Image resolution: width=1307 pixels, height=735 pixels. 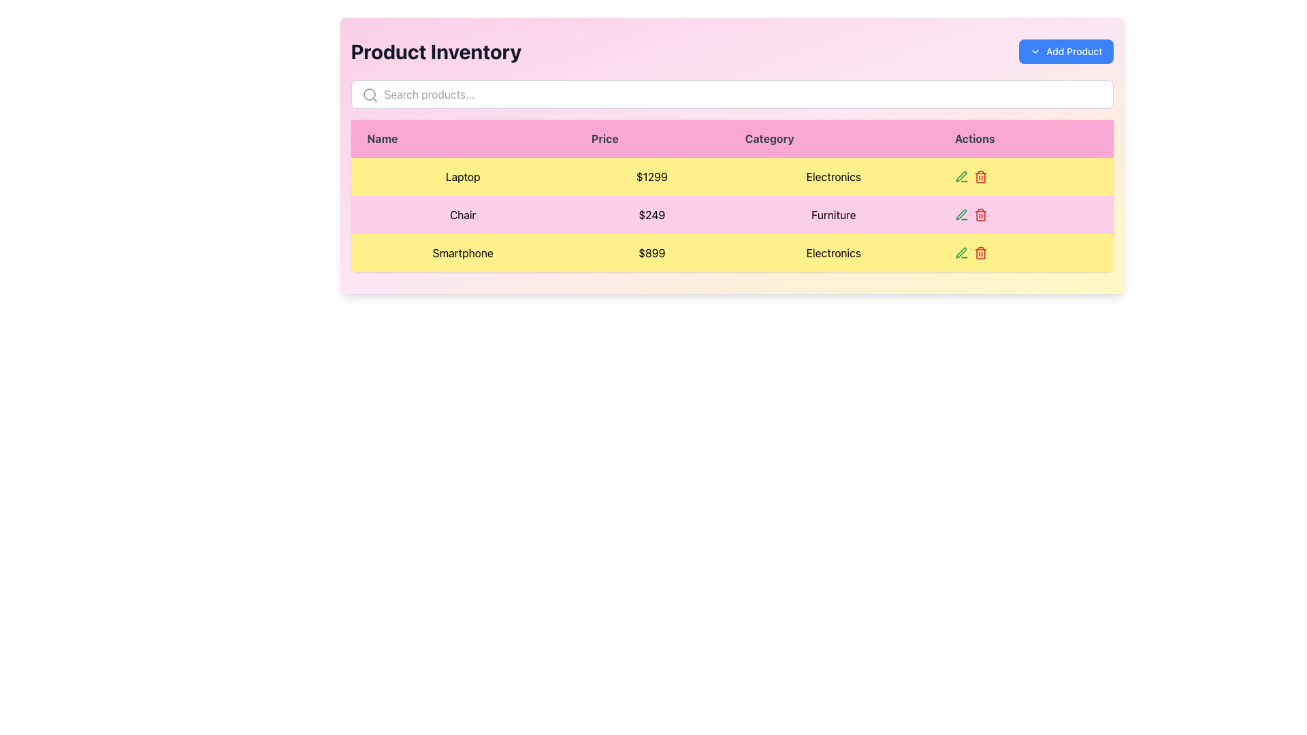 What do you see at coordinates (370, 94) in the screenshot?
I see `the circular search icon with a magnifying glass symbol located on the left side of the search input field, which is positioned immediately to the left of the input text placeholder 'Search products...'` at bounding box center [370, 94].